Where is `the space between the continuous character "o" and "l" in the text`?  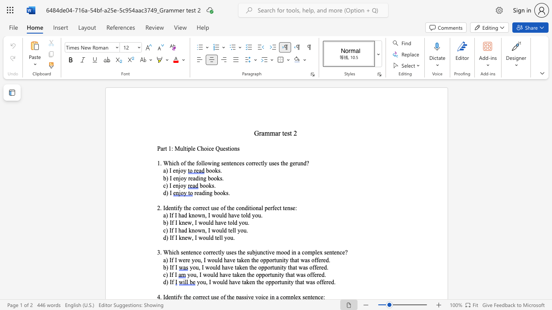
the space between the continuous character "o" and "l" in the text is located at coordinates (200, 163).